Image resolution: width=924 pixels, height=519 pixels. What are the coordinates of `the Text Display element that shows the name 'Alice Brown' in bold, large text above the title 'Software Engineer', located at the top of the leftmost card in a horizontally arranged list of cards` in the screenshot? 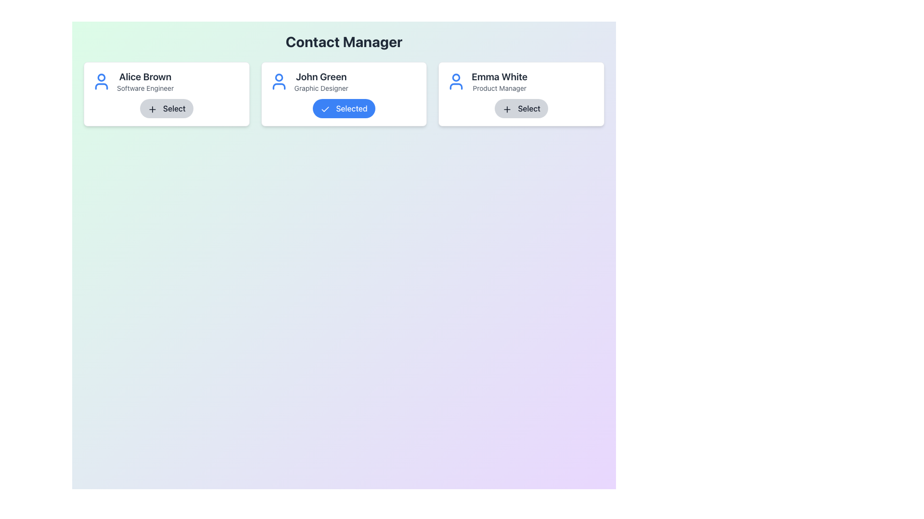 It's located at (167, 81).